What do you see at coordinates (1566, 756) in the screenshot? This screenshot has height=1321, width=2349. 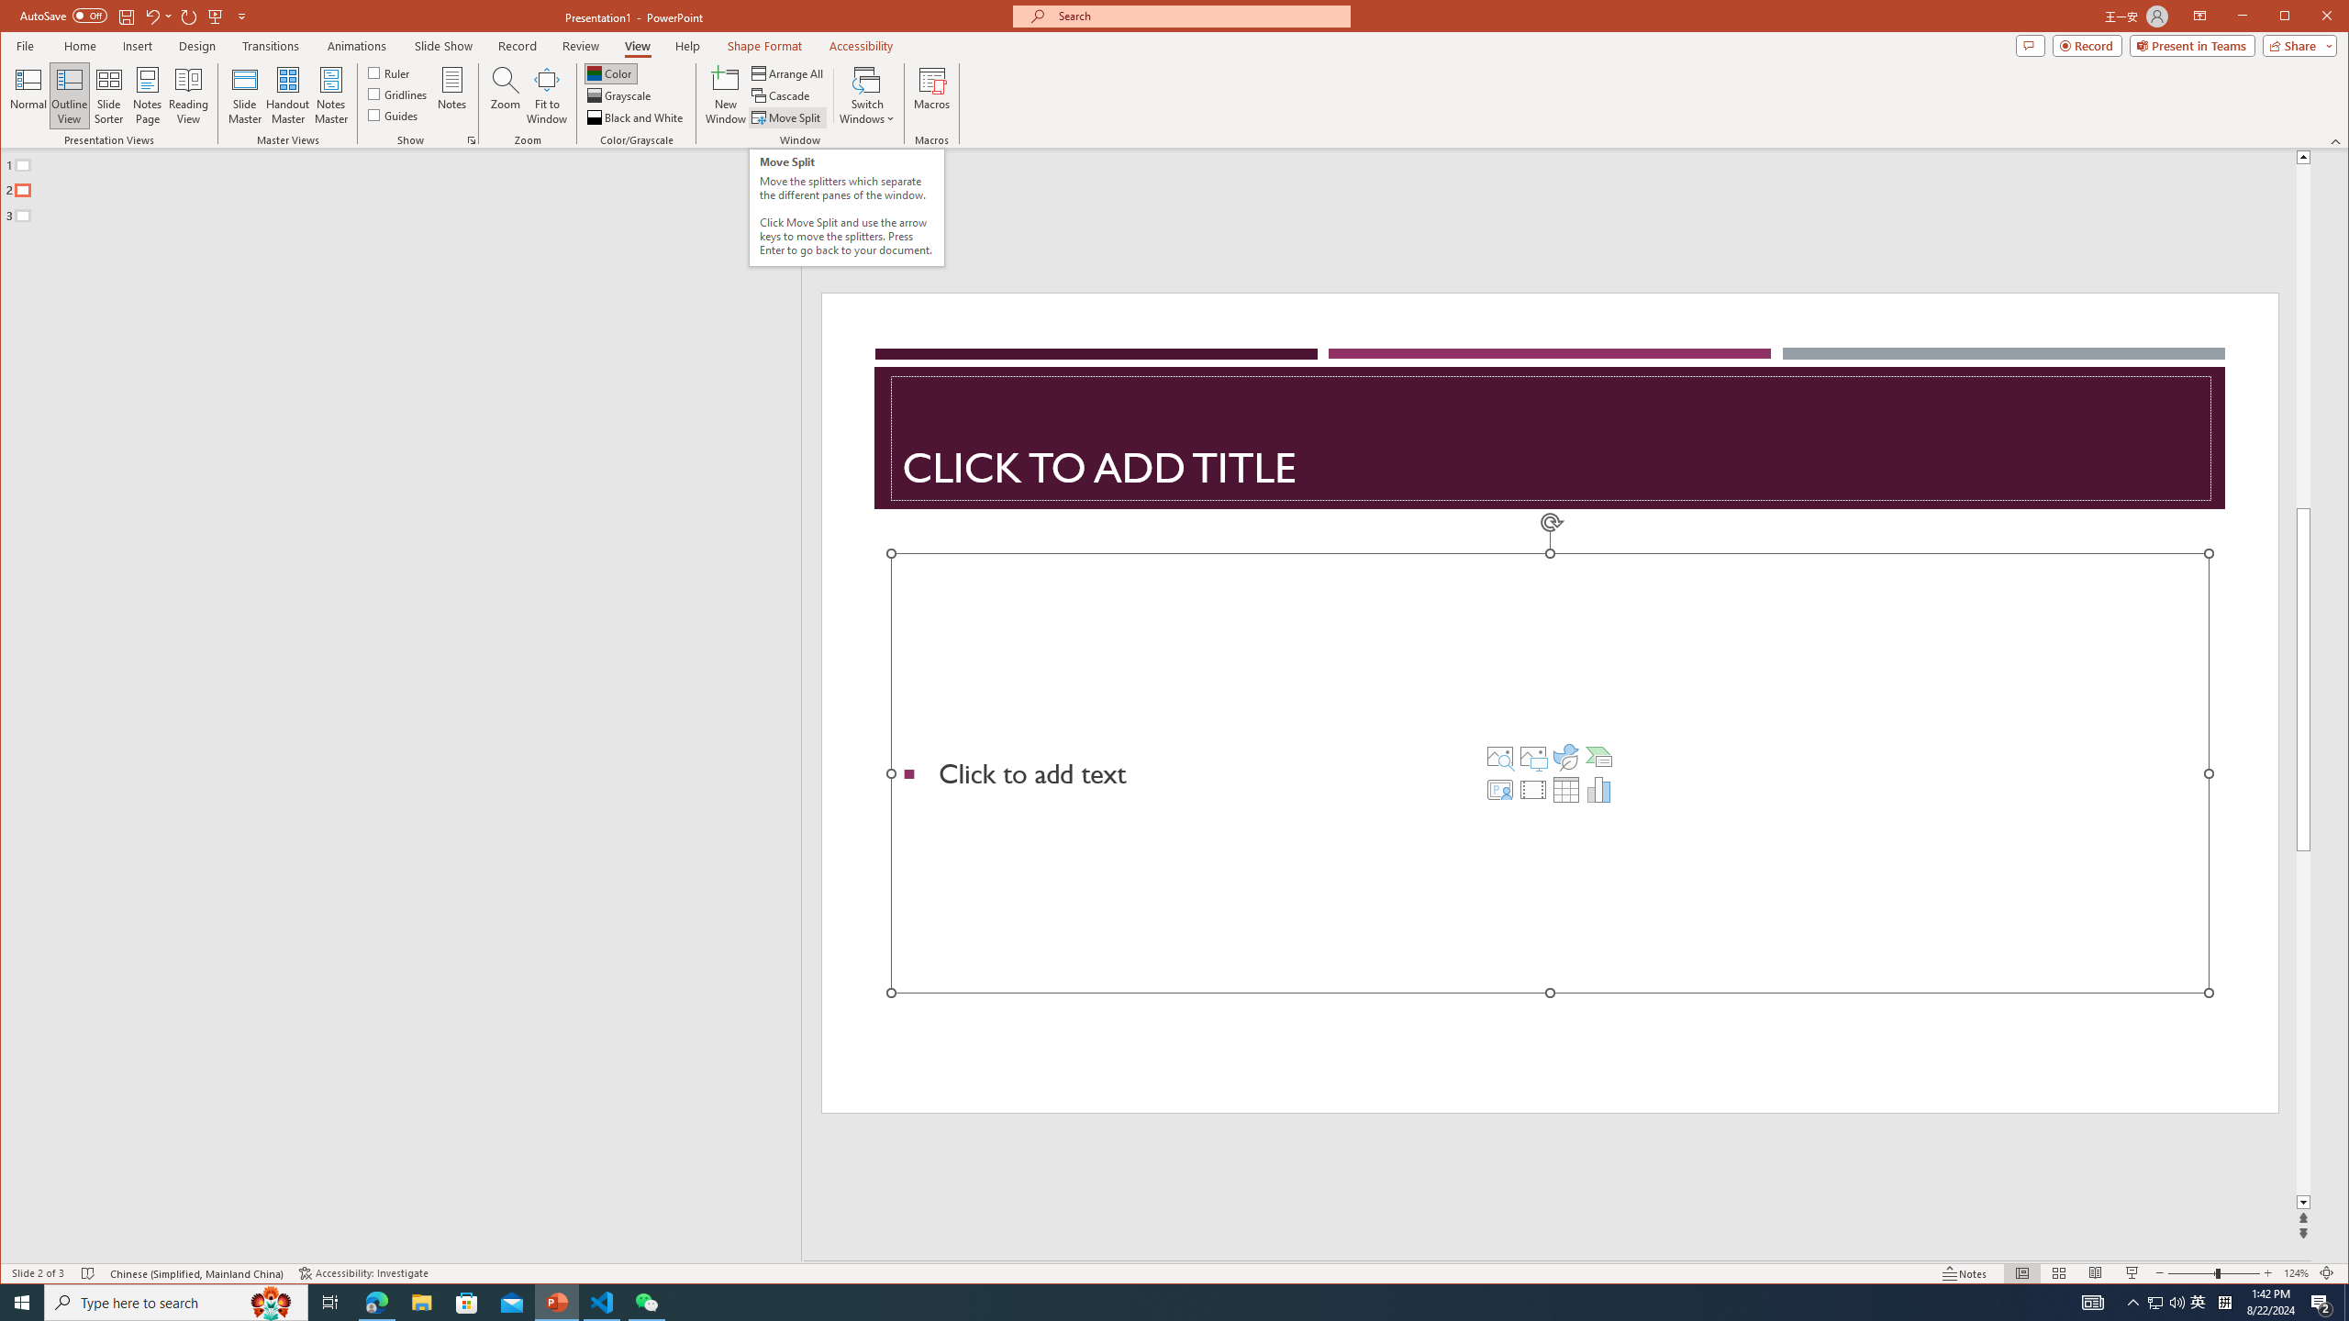 I see `'Insert an Icon'` at bounding box center [1566, 756].